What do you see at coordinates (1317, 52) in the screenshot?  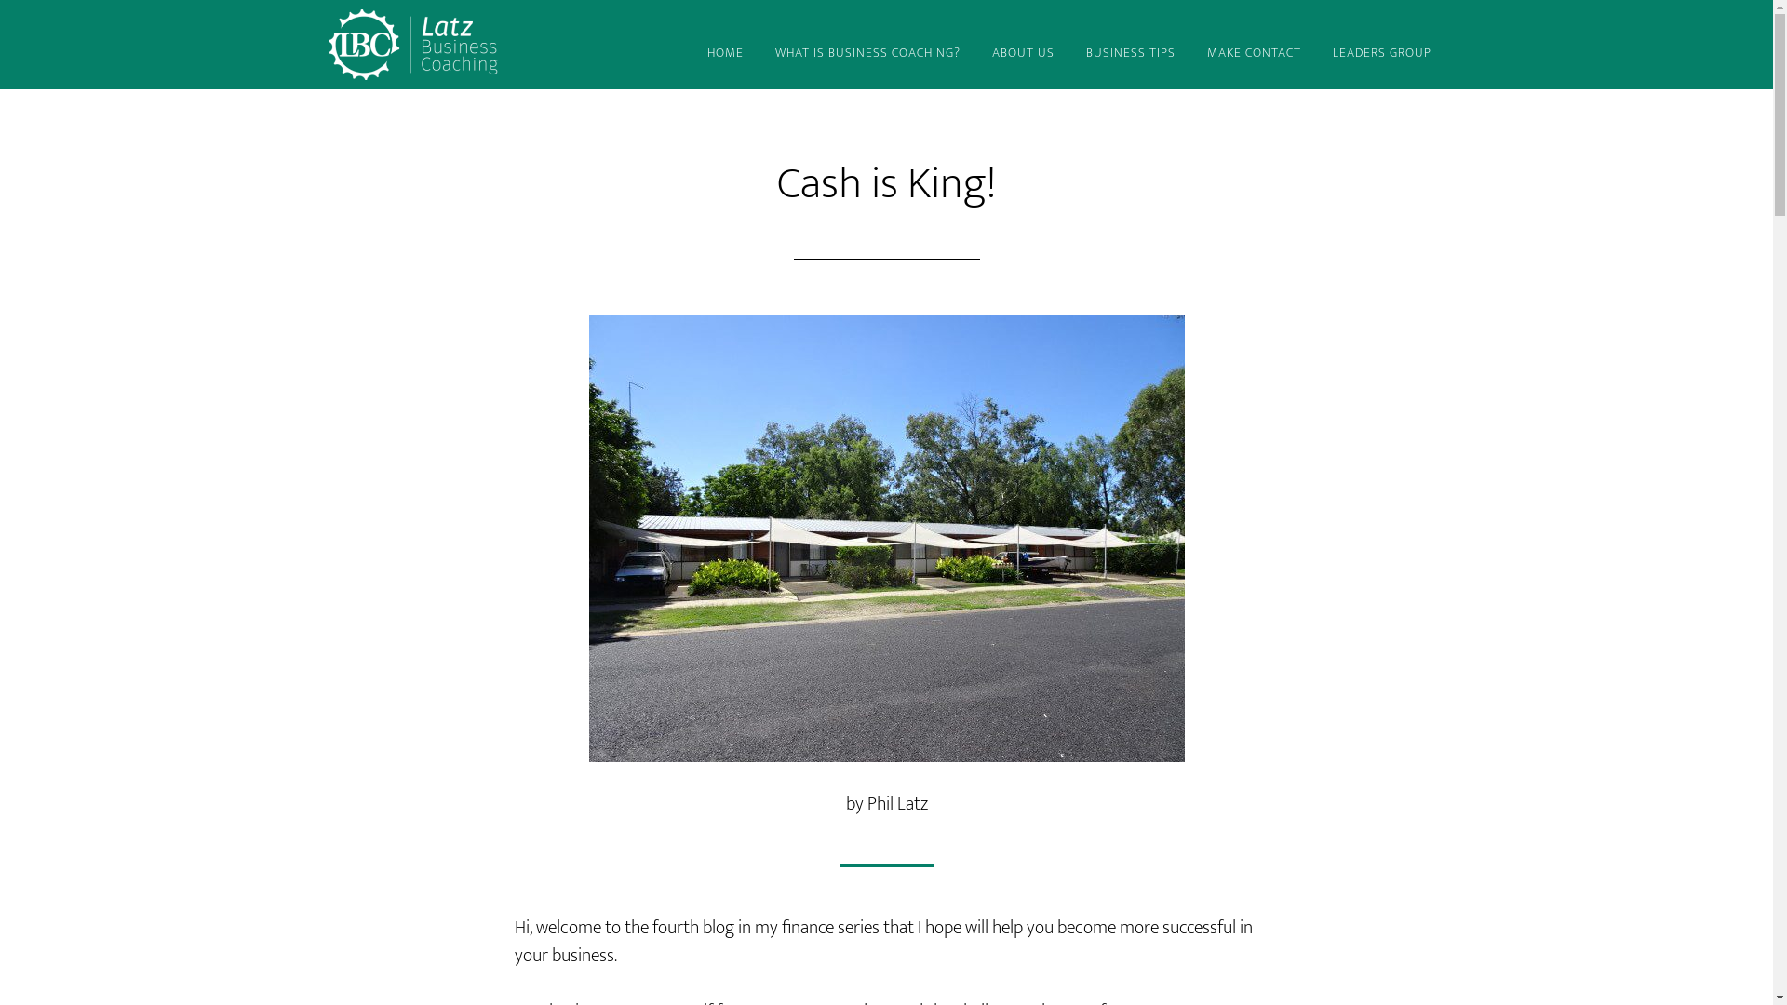 I see `'LEADERS GROUP'` at bounding box center [1317, 52].